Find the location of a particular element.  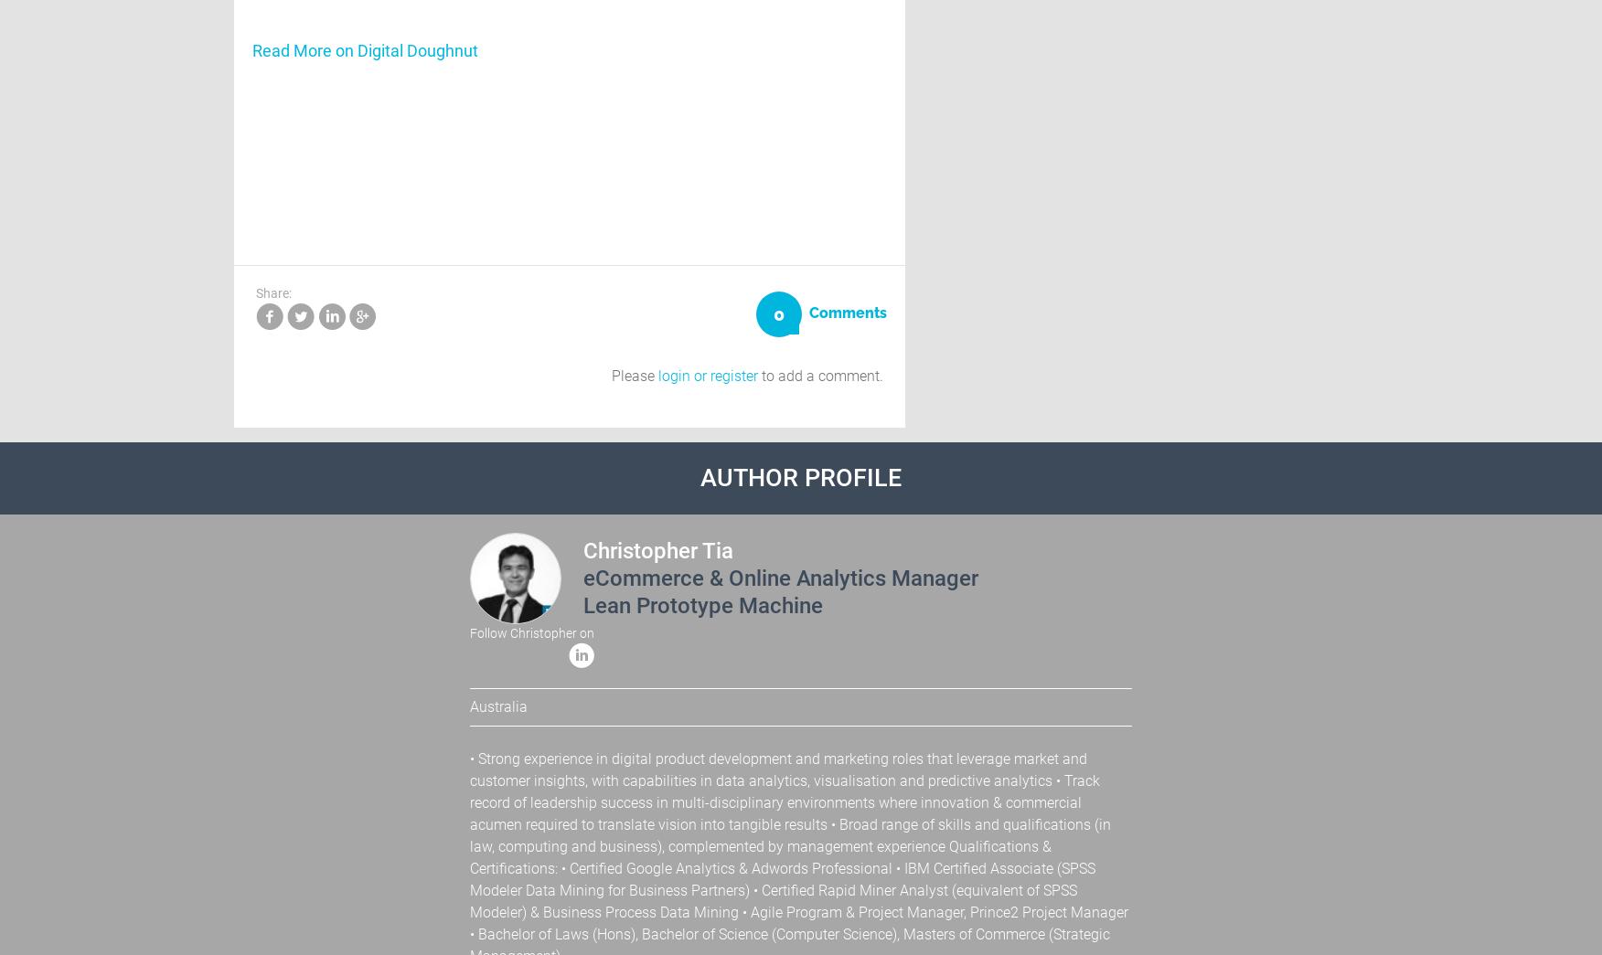

'0' is located at coordinates (773, 313).